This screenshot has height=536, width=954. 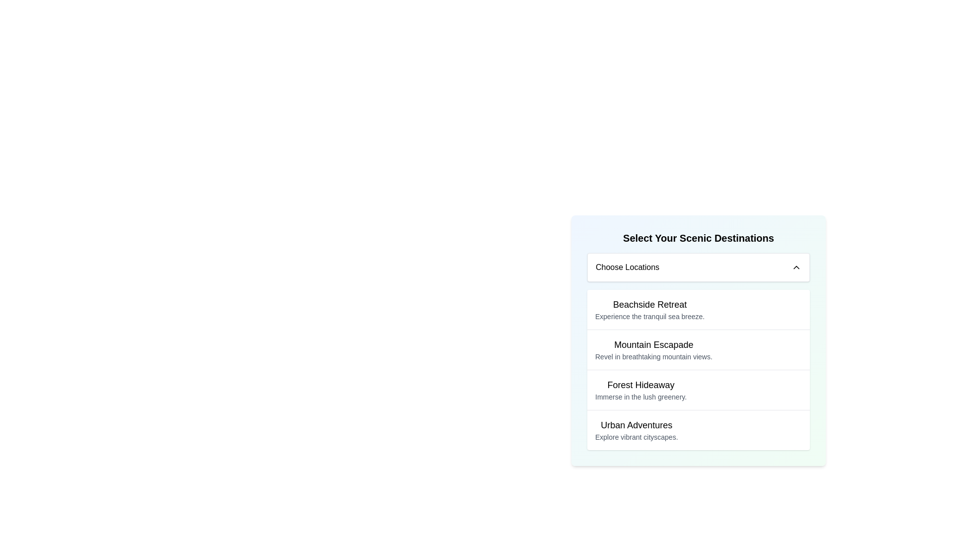 What do you see at coordinates (650, 309) in the screenshot?
I see `the text element presenting the title and description for 'Beachside Retreat'` at bounding box center [650, 309].